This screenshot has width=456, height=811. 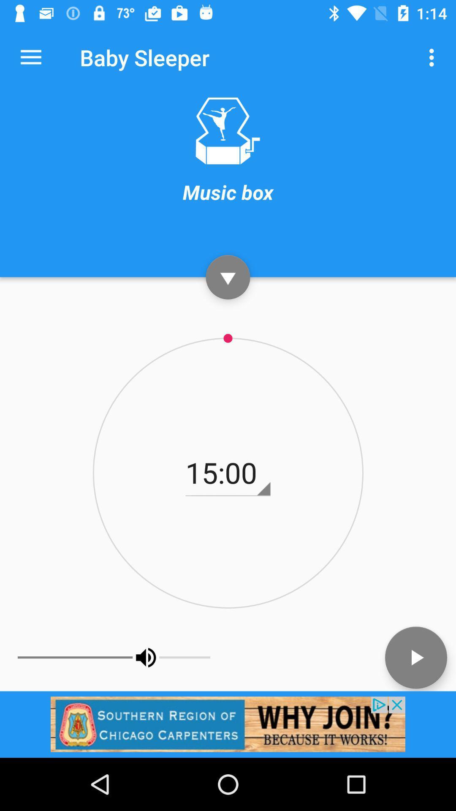 What do you see at coordinates (227, 131) in the screenshot?
I see `sleeping music` at bounding box center [227, 131].